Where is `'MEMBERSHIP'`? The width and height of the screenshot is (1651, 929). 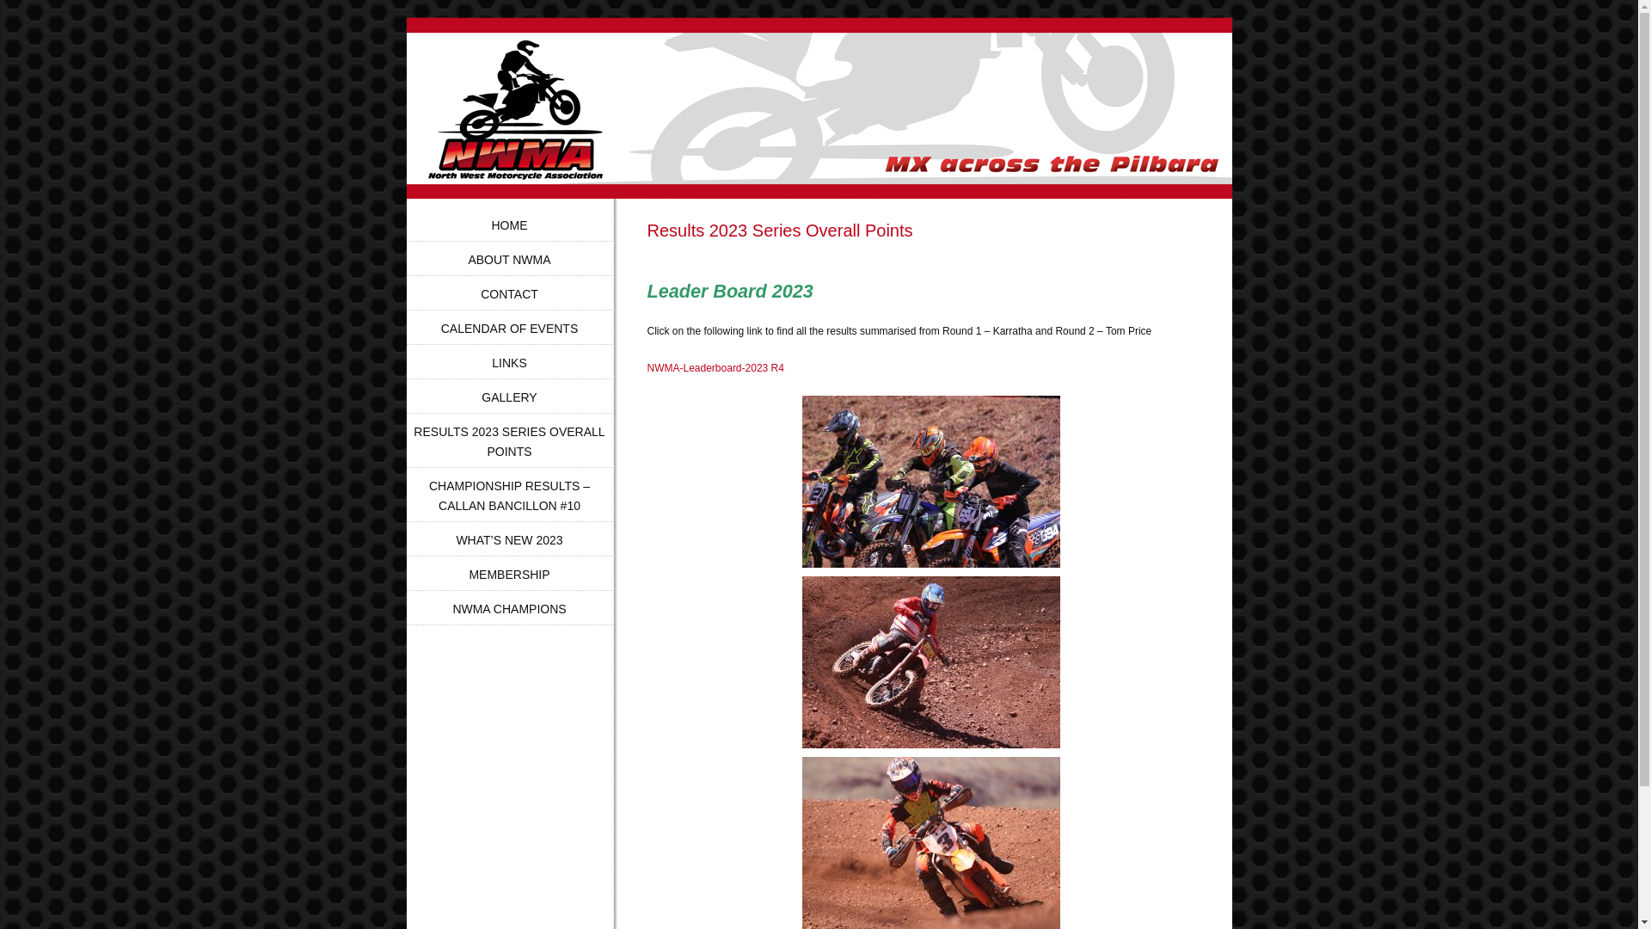
'MEMBERSHIP' is located at coordinates (507, 574).